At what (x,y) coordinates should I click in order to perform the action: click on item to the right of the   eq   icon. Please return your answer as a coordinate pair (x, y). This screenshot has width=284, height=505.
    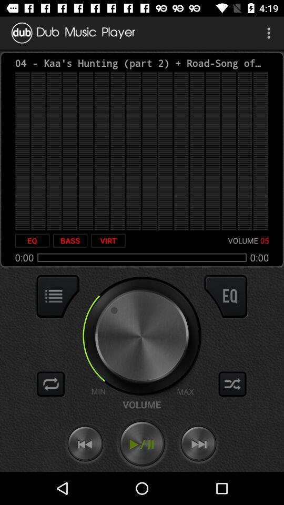
    Looking at the image, I should click on (70, 240).